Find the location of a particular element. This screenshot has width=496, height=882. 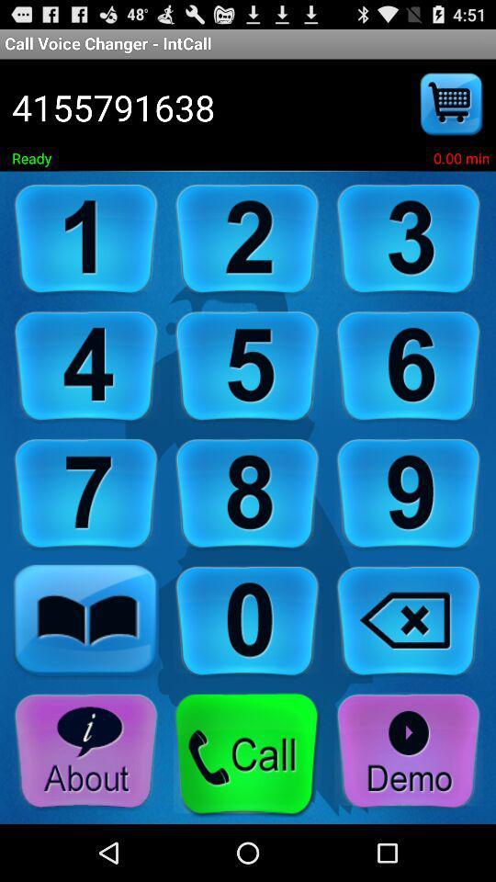

the cart icon is located at coordinates (452, 114).